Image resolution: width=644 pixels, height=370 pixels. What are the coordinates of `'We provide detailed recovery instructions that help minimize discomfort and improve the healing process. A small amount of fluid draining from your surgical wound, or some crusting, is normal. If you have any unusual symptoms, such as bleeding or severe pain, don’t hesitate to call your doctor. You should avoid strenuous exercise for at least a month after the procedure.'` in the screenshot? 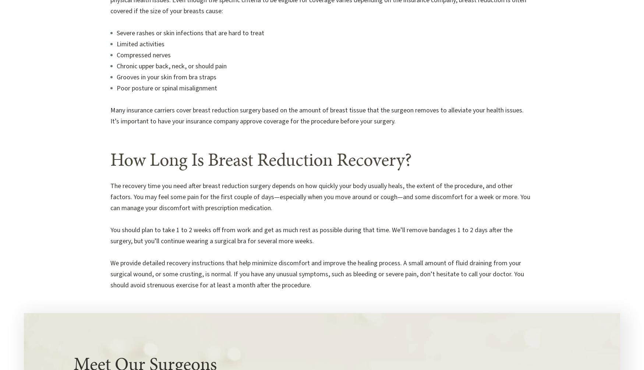 It's located at (317, 274).